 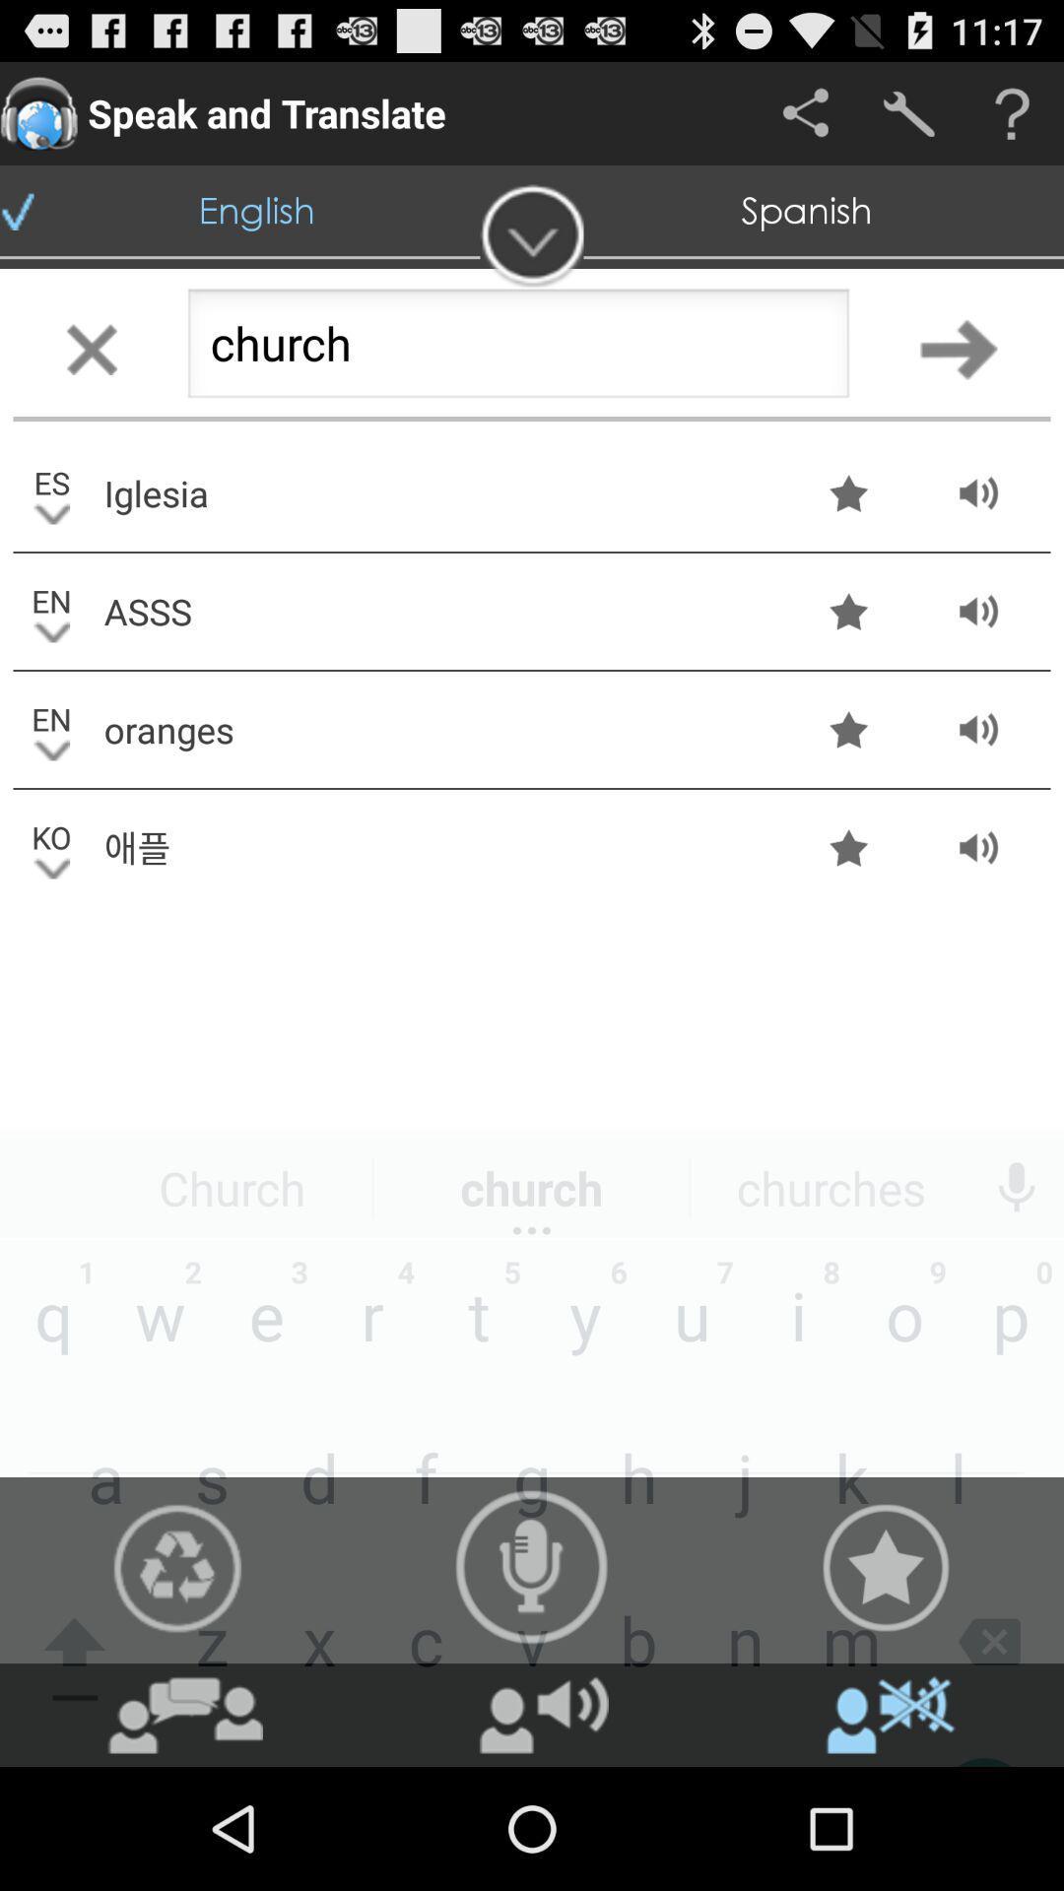 What do you see at coordinates (807, 211) in the screenshot?
I see `the text which says spanish which is at the right top corner` at bounding box center [807, 211].